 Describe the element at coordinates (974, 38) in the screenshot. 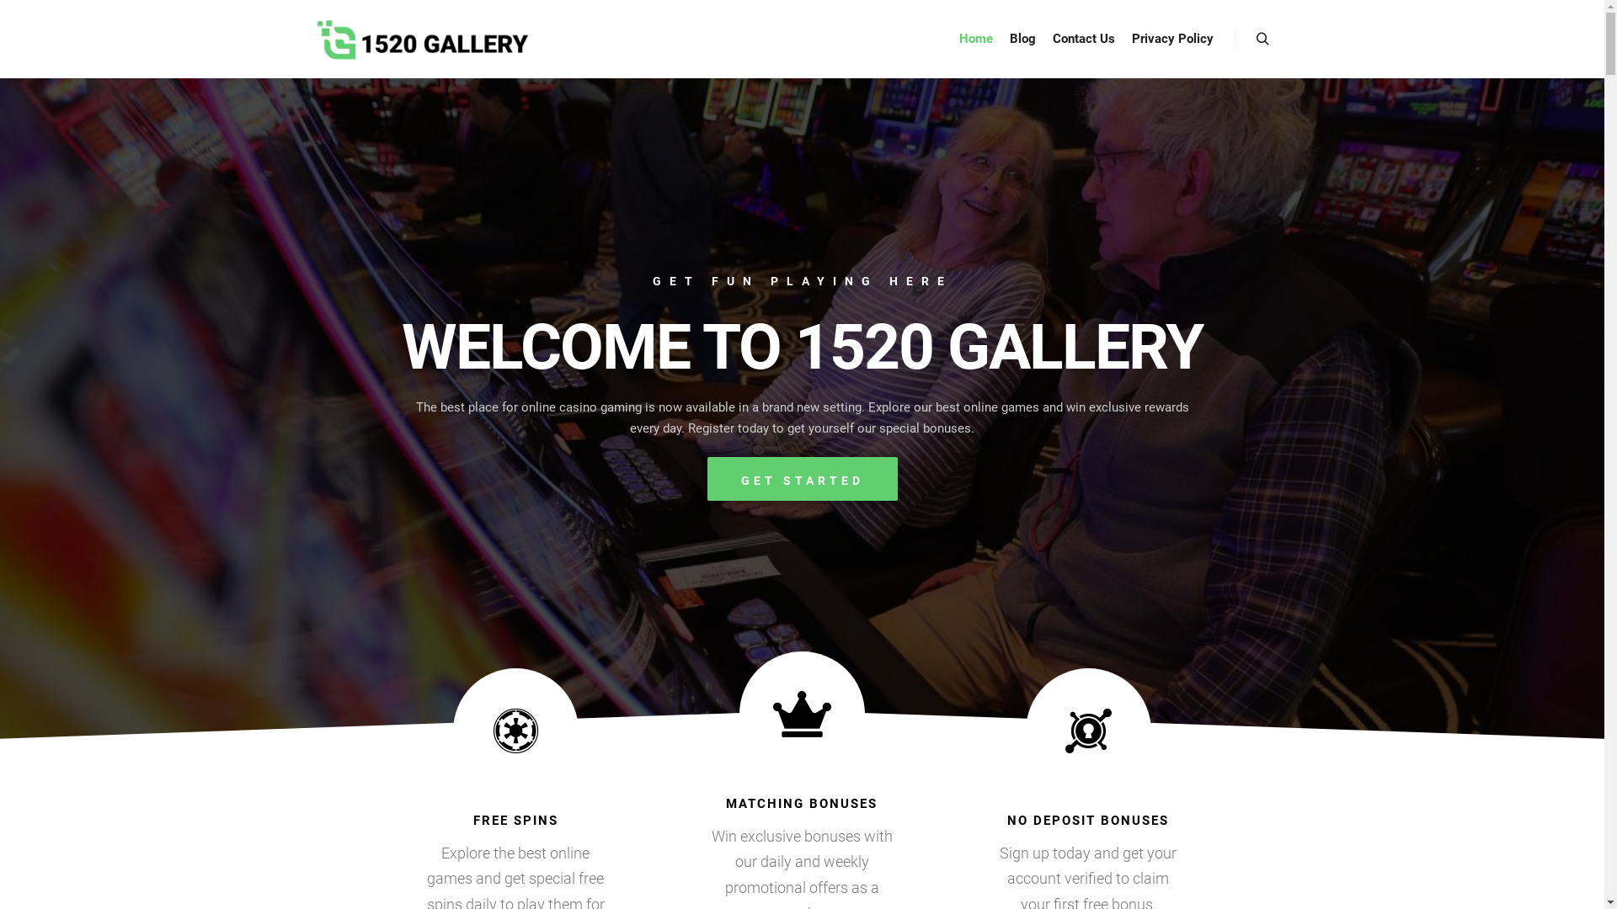

I see `'Home'` at that location.